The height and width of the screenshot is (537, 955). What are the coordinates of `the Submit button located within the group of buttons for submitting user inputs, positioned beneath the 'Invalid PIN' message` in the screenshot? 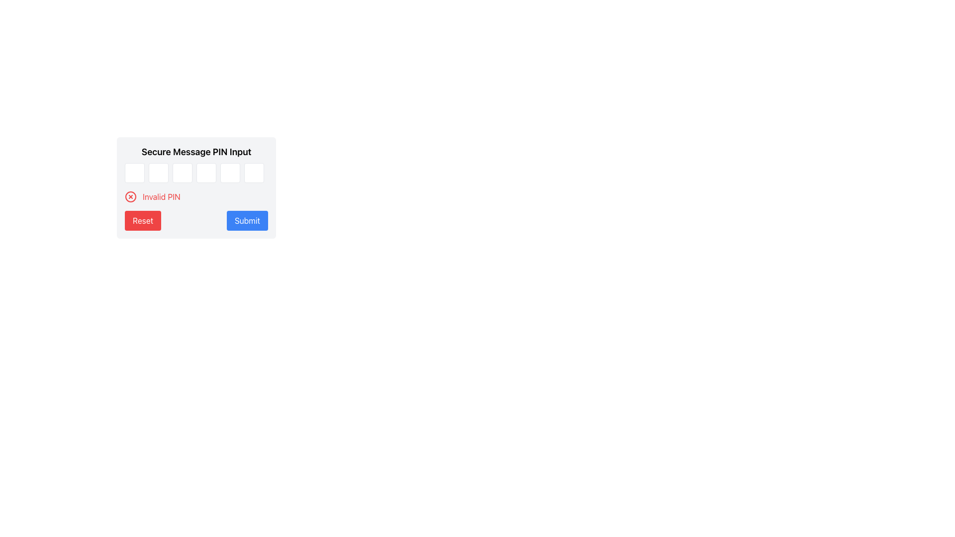 It's located at (196, 220).